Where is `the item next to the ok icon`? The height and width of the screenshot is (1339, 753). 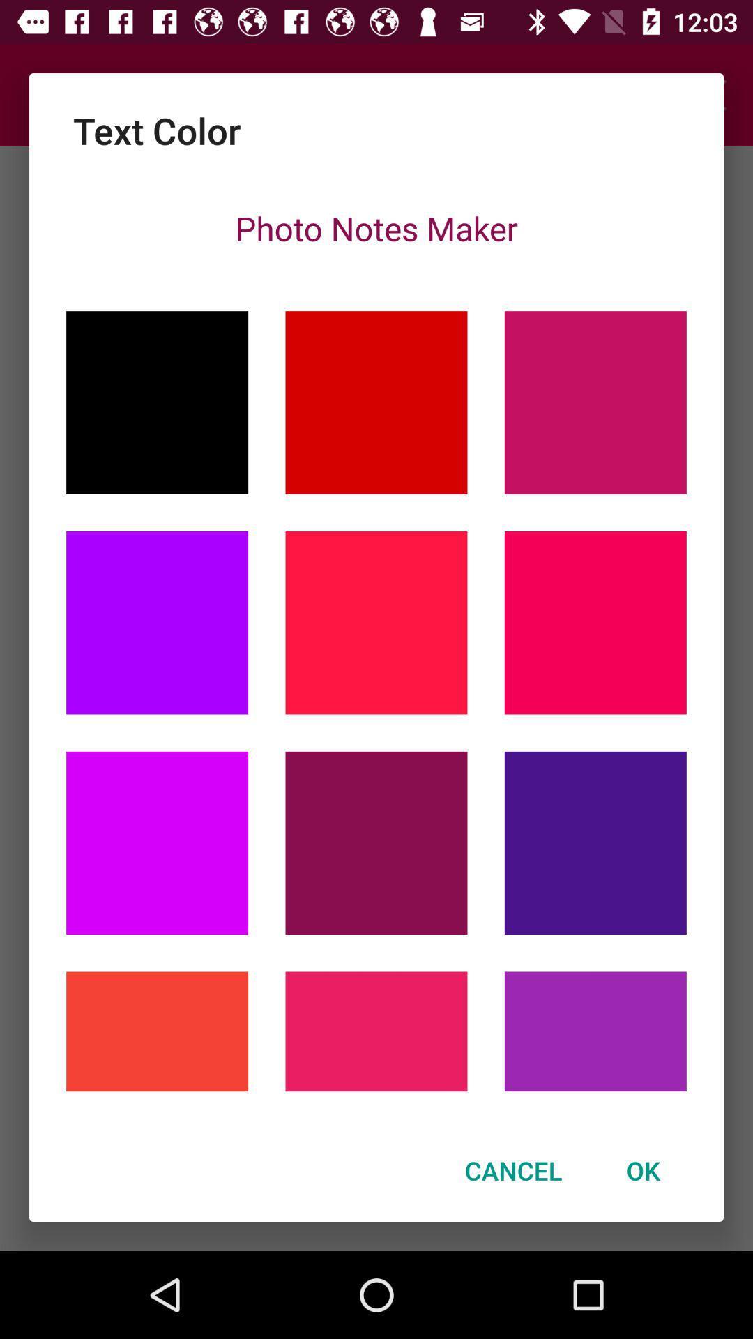
the item next to the ok icon is located at coordinates (513, 1170).